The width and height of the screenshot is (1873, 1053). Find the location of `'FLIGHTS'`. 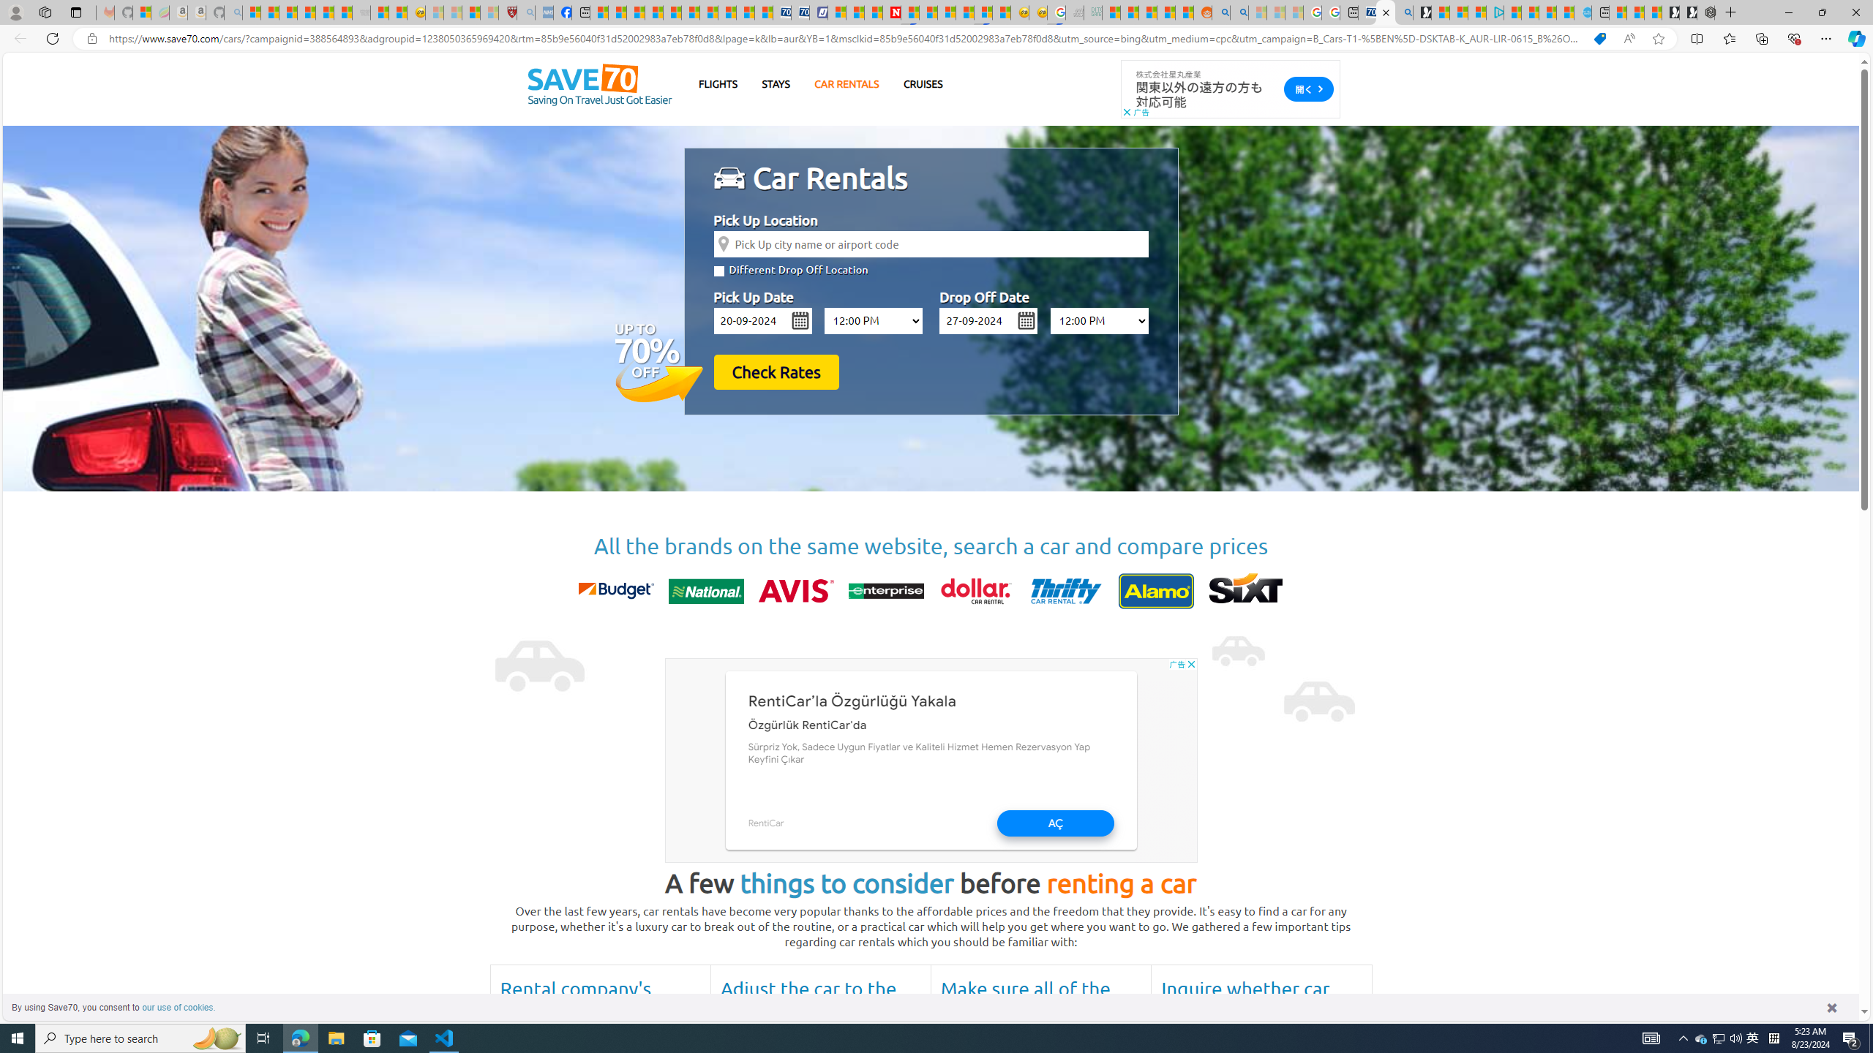

'FLIGHTS' is located at coordinates (718, 83).